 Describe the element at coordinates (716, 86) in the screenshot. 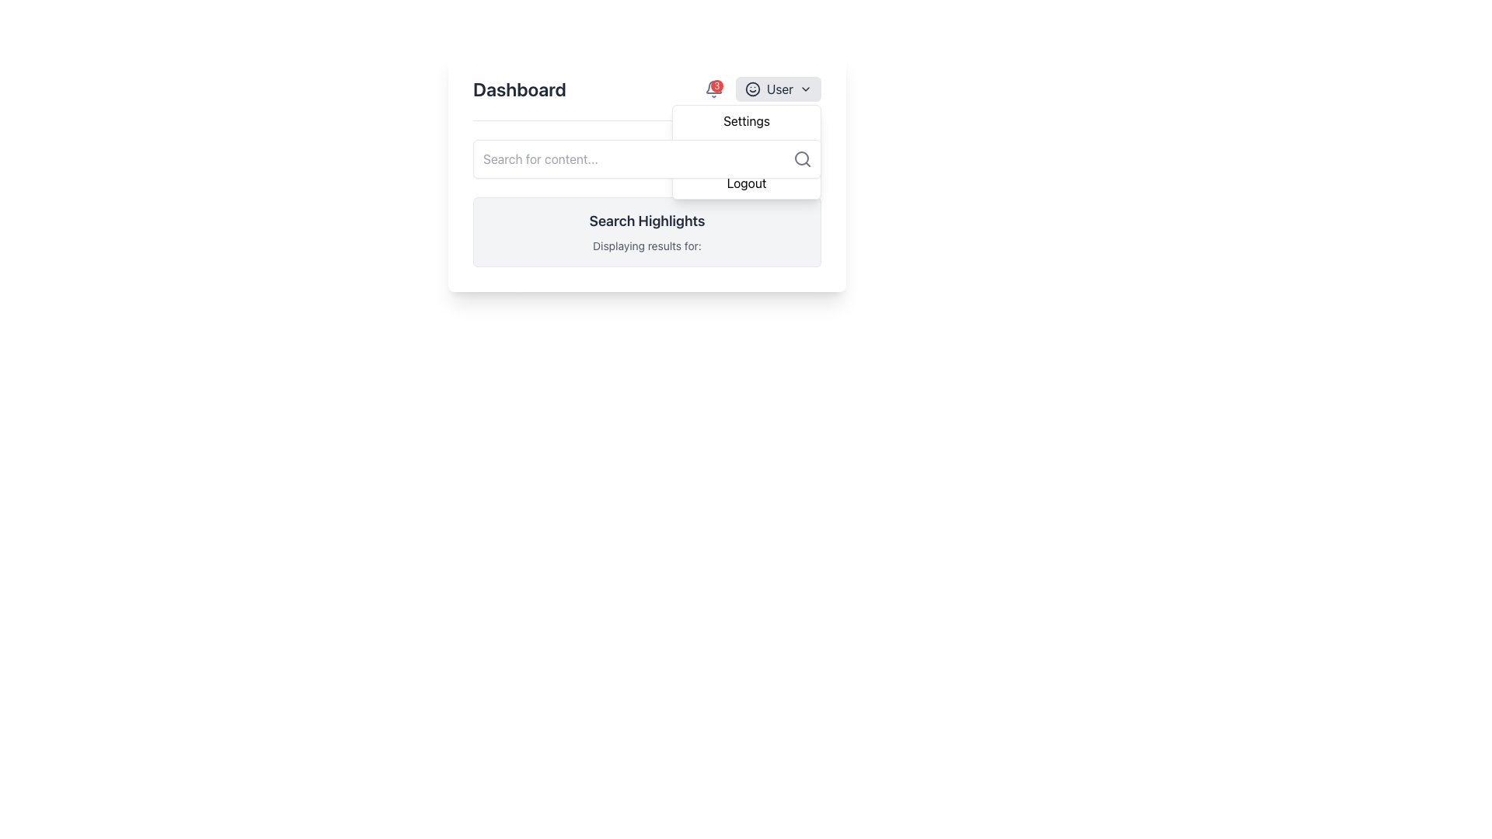

I see `the Notification Badge featuring a red background with a white numeral '3', located at the top-right corner of the bell icon` at that location.